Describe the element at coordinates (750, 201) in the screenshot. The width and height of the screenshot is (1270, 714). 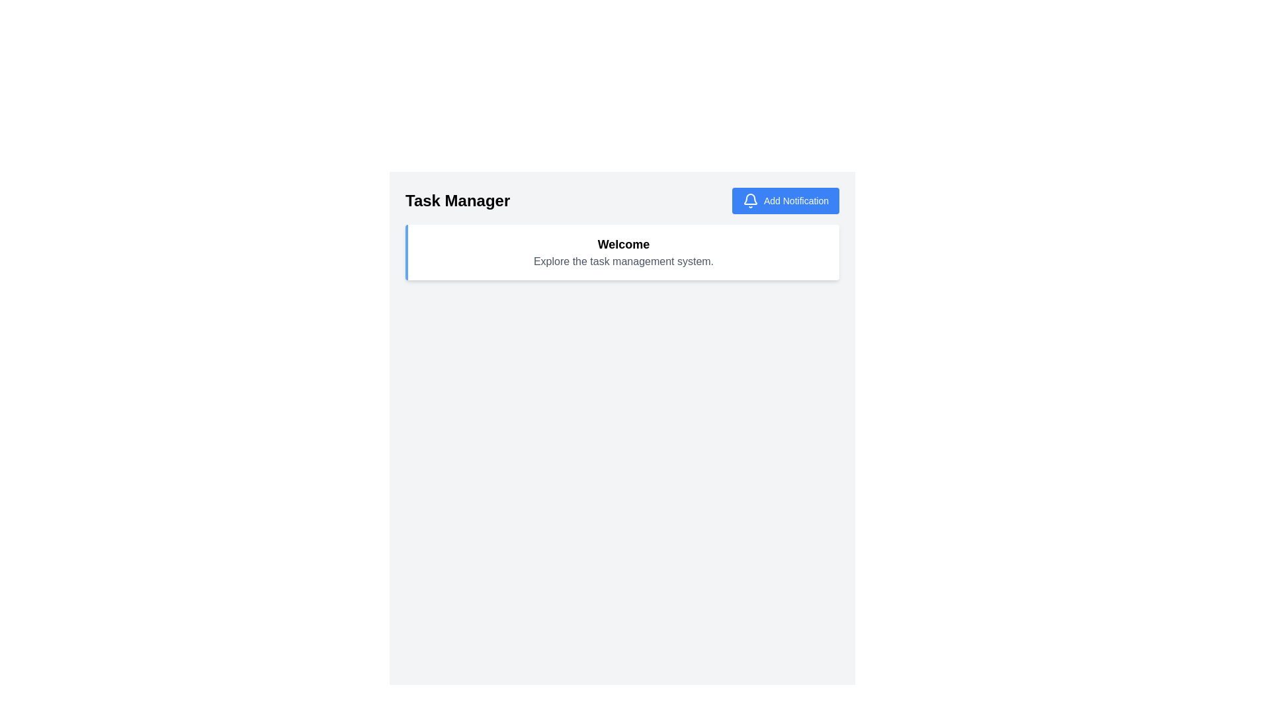
I see `the bell icon located at the start of the 'Add Notification' button in the top-right corner of the interface` at that location.